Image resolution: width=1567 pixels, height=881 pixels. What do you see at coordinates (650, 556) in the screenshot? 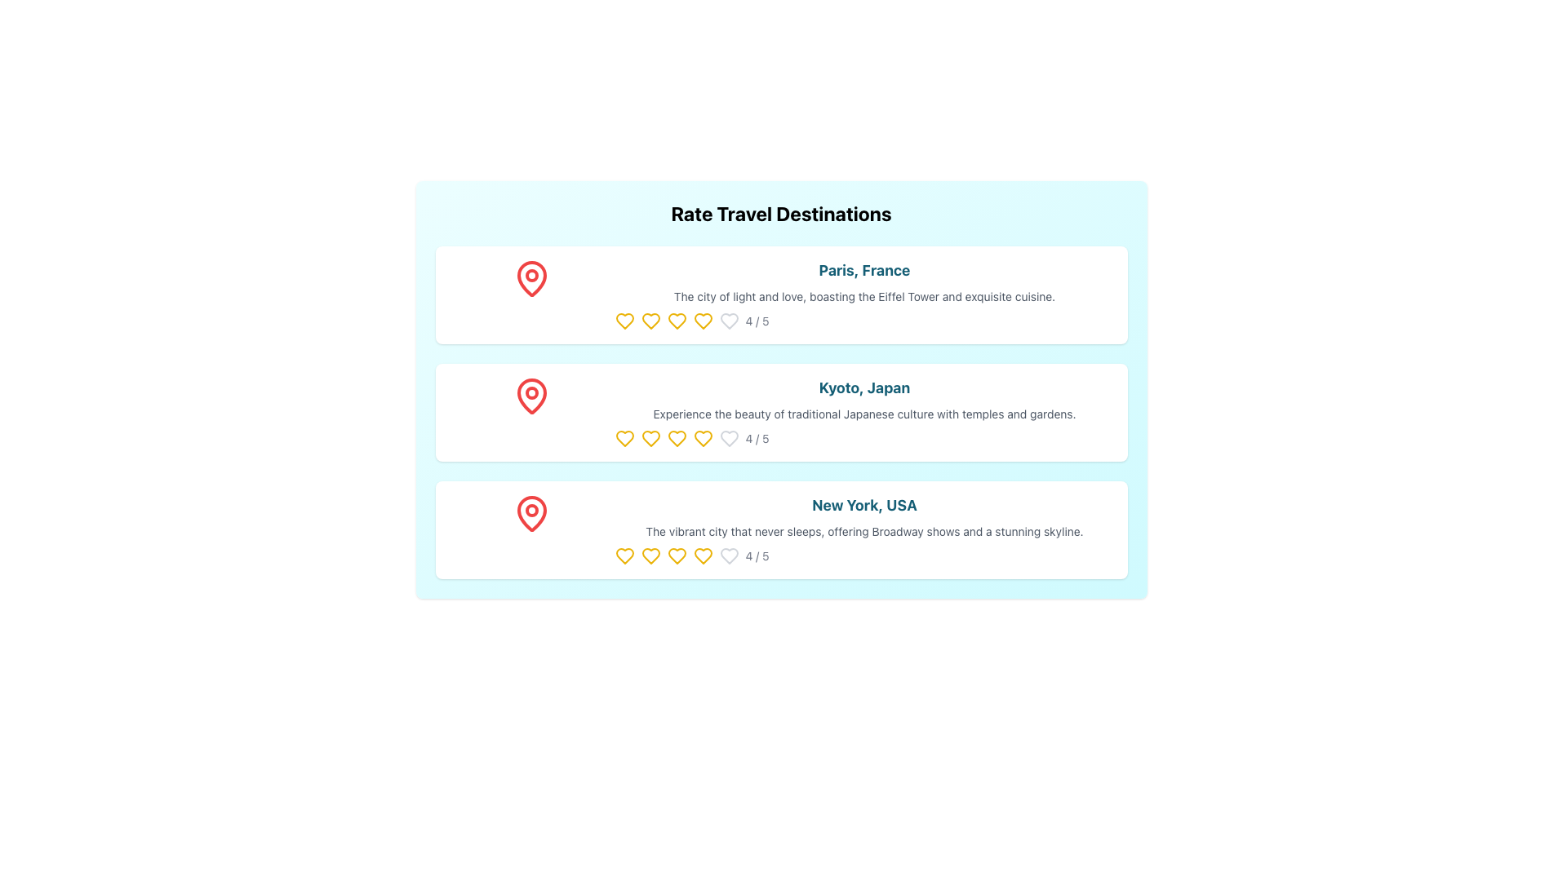
I see `the heart icon in the third row of the travel destination list, which serves as an indicator for rating or favoriting an item` at bounding box center [650, 556].